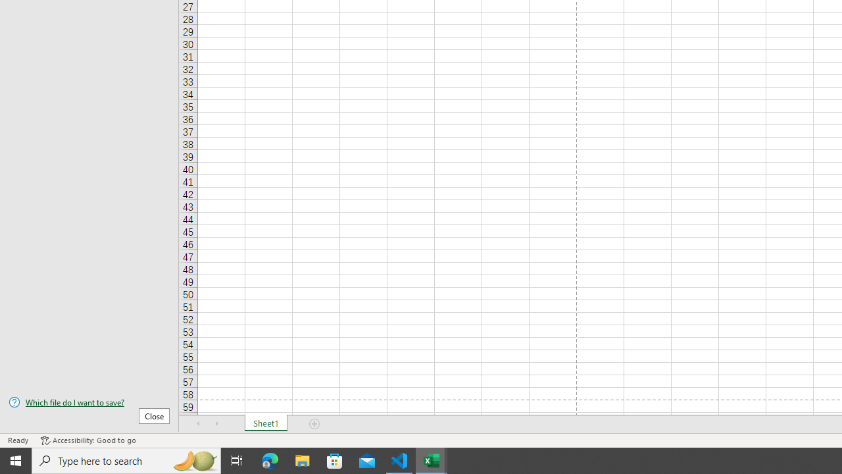 Image resolution: width=842 pixels, height=474 pixels. I want to click on 'Microsoft Store', so click(335, 460).